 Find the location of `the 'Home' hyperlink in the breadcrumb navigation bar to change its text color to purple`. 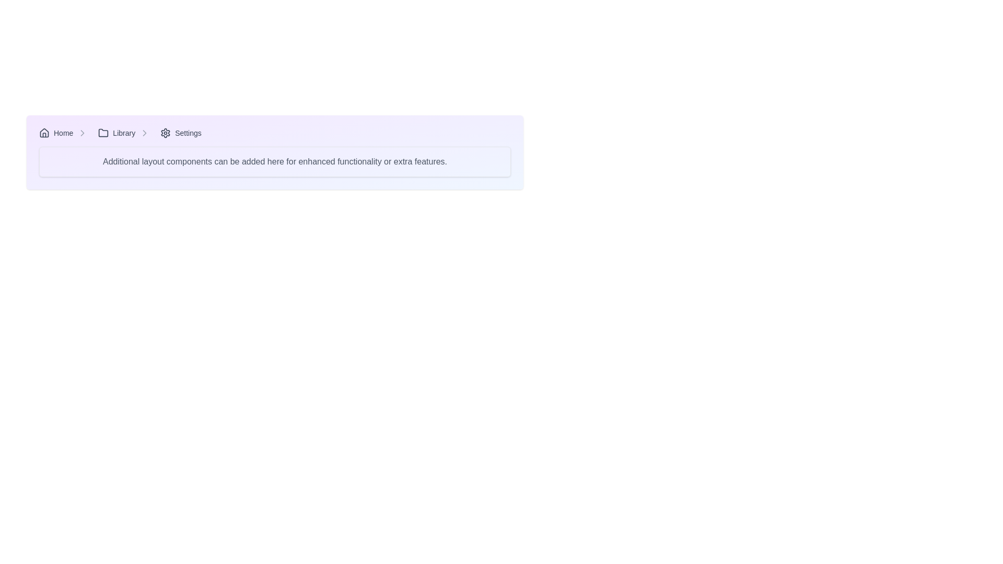

the 'Home' hyperlink in the breadcrumb navigation bar to change its text color to purple is located at coordinates (55, 132).